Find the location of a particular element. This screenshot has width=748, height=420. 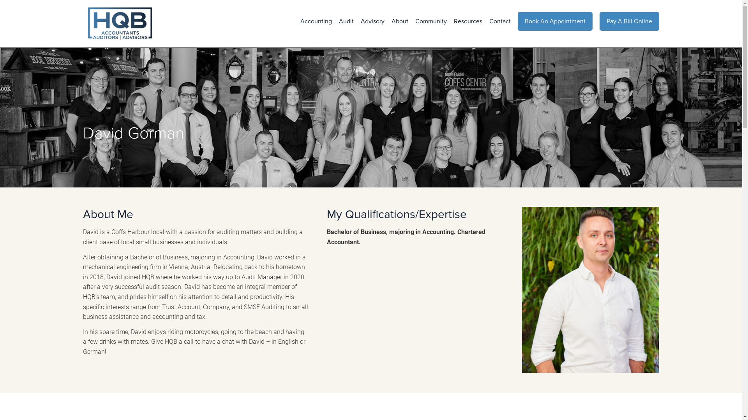

'Audit' is located at coordinates (342, 21).